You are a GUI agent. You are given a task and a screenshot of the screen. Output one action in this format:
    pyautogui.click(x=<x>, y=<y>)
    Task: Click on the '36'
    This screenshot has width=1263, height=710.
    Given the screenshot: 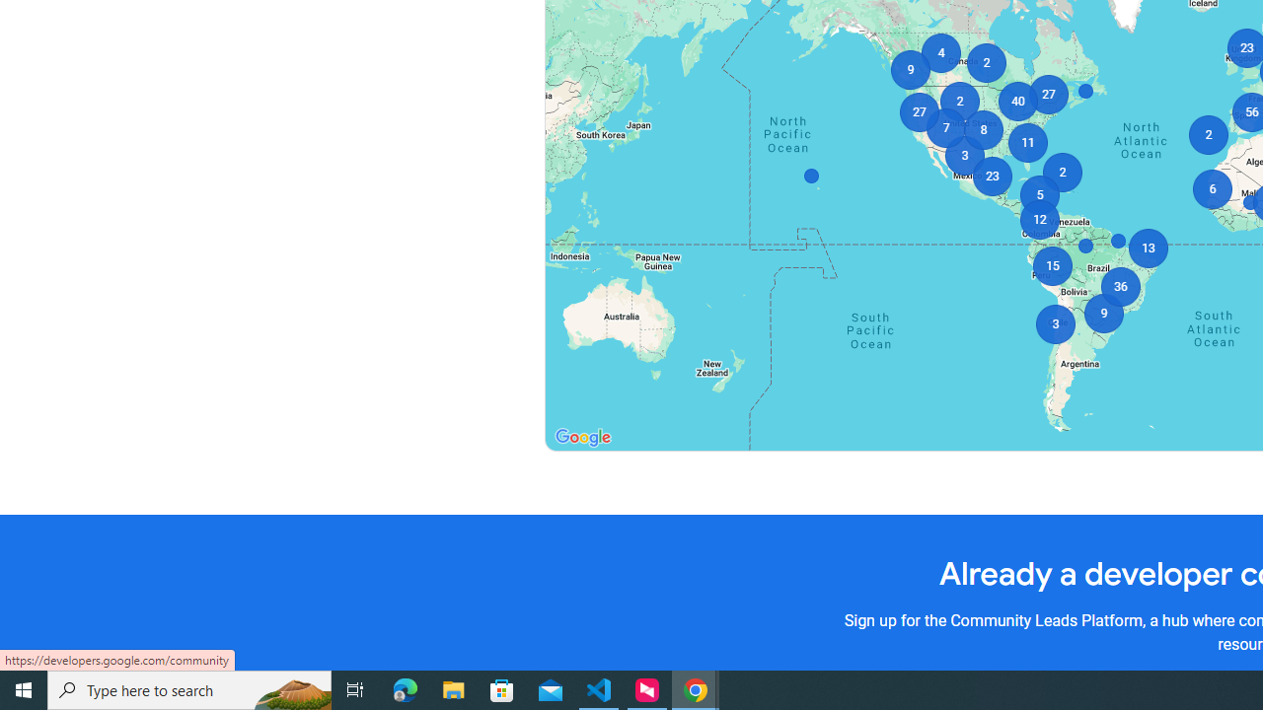 What is the action you would take?
    pyautogui.click(x=1120, y=286)
    